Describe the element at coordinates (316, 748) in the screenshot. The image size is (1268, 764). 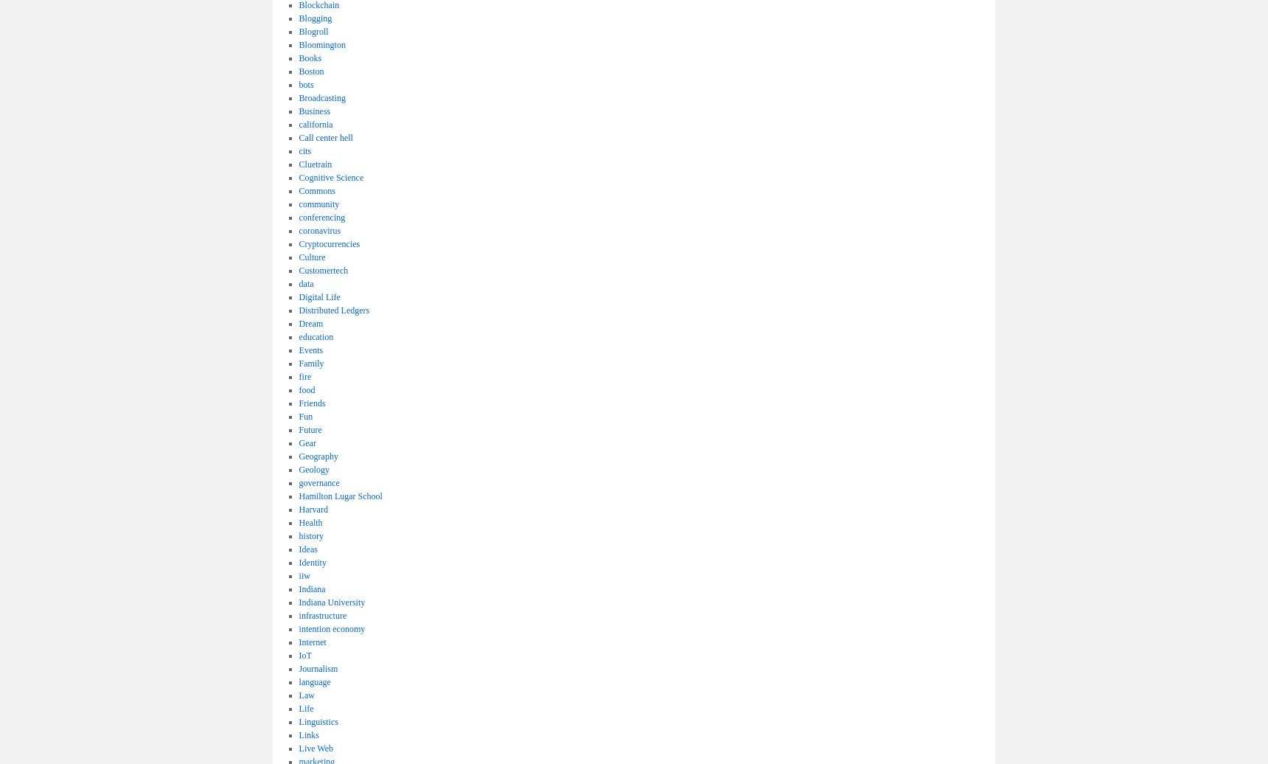
I see `'Live Web'` at that location.